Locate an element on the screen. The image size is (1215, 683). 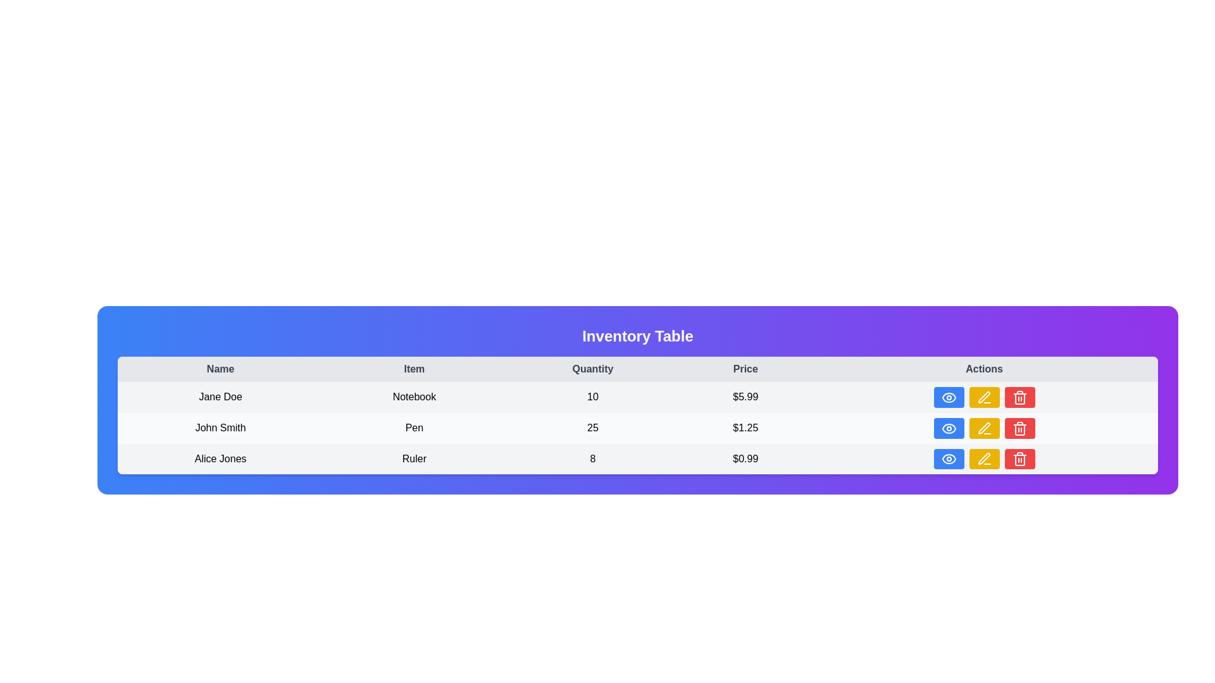
the small blue button with an eye icon located in the 'Actions' column of the first row of the table is located at coordinates (949, 397).